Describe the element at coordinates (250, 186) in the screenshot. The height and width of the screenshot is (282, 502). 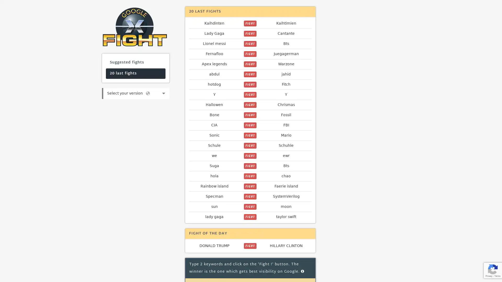
I see `FIGHT` at that location.